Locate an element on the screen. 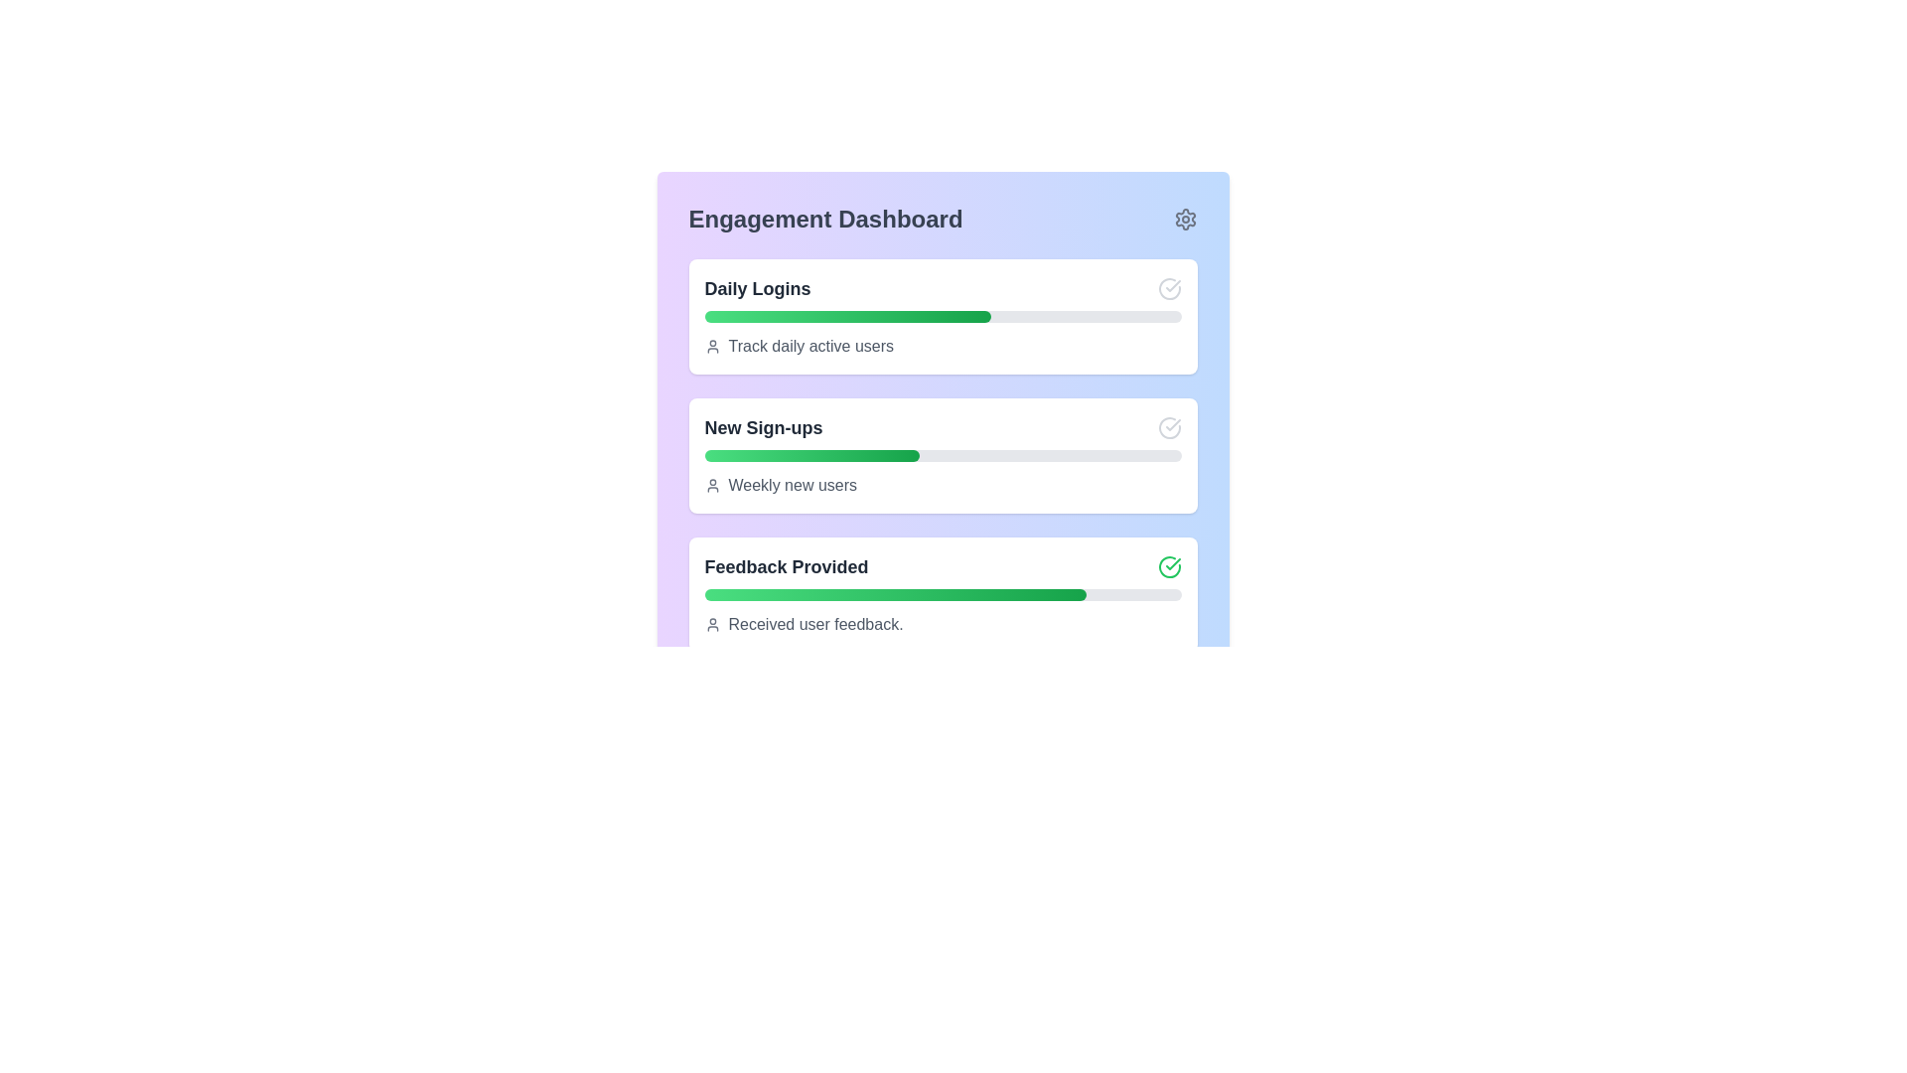 The image size is (1907, 1073). icon located to the immediate left of the text 'Received user feedback.' in the 'Feedback Provided' section of the dashboard is located at coordinates (712, 623).